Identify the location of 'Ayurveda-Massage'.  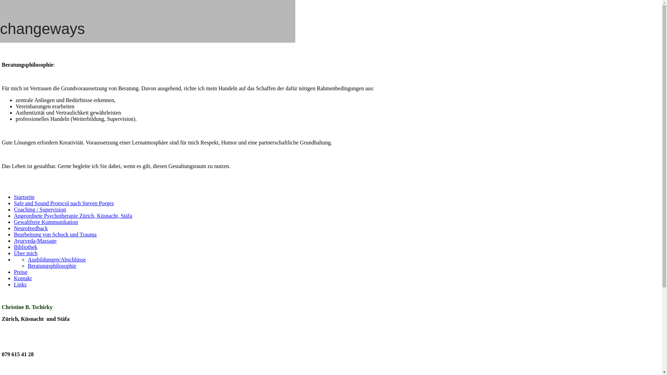
(35, 240).